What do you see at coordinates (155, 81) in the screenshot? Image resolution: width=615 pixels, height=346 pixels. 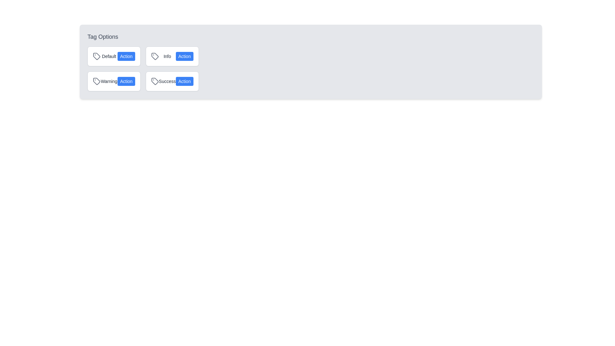 I see `the gray tag icon with rounded corners and a circular cut-out, located to the left of the 'Success' text and adjacent to the blue 'Action' button` at bounding box center [155, 81].